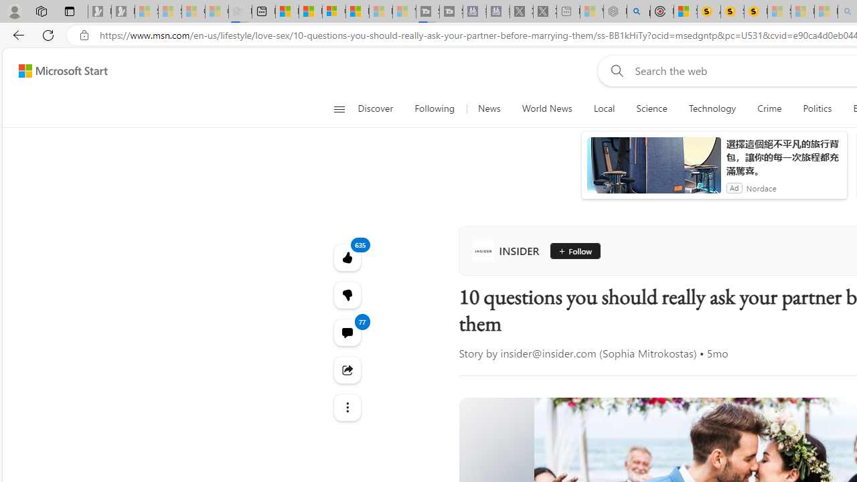  What do you see at coordinates (603, 108) in the screenshot?
I see `'Local'` at bounding box center [603, 108].